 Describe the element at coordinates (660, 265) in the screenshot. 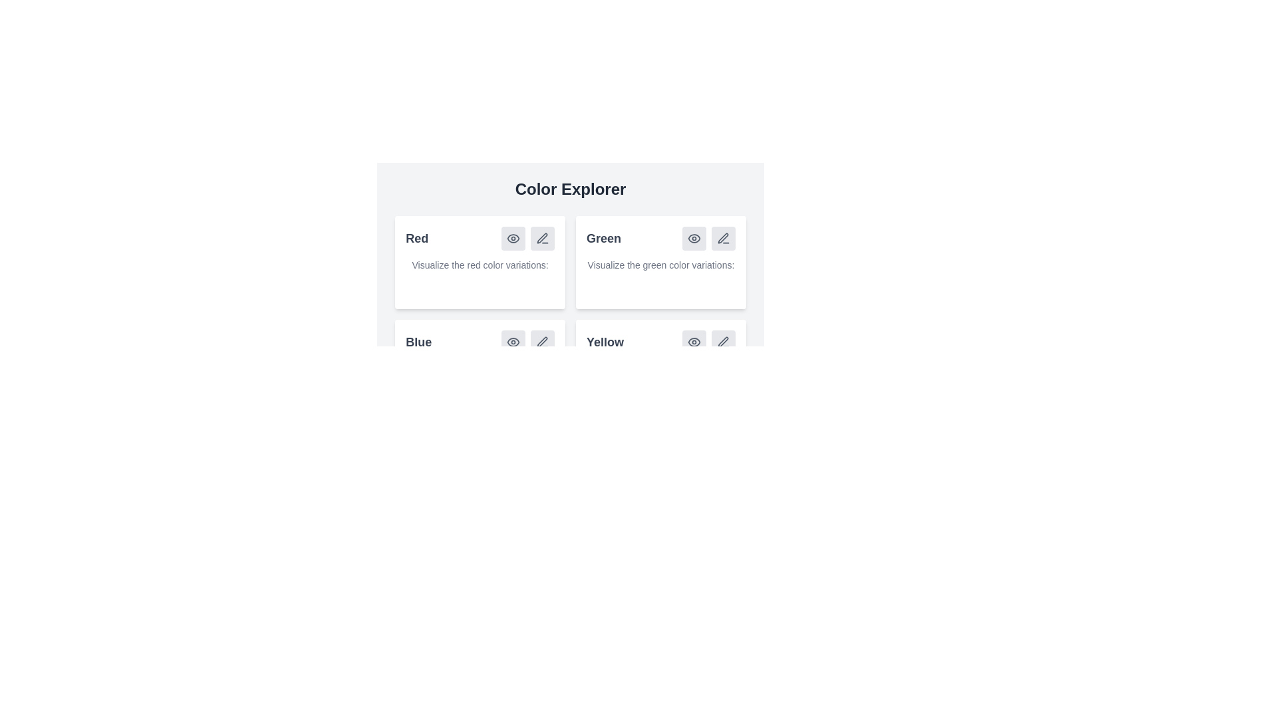

I see `the informational text label located under the heading 'Green' in the top-right quadrant of the grid layout, which provides instructions related to green color variations` at that location.